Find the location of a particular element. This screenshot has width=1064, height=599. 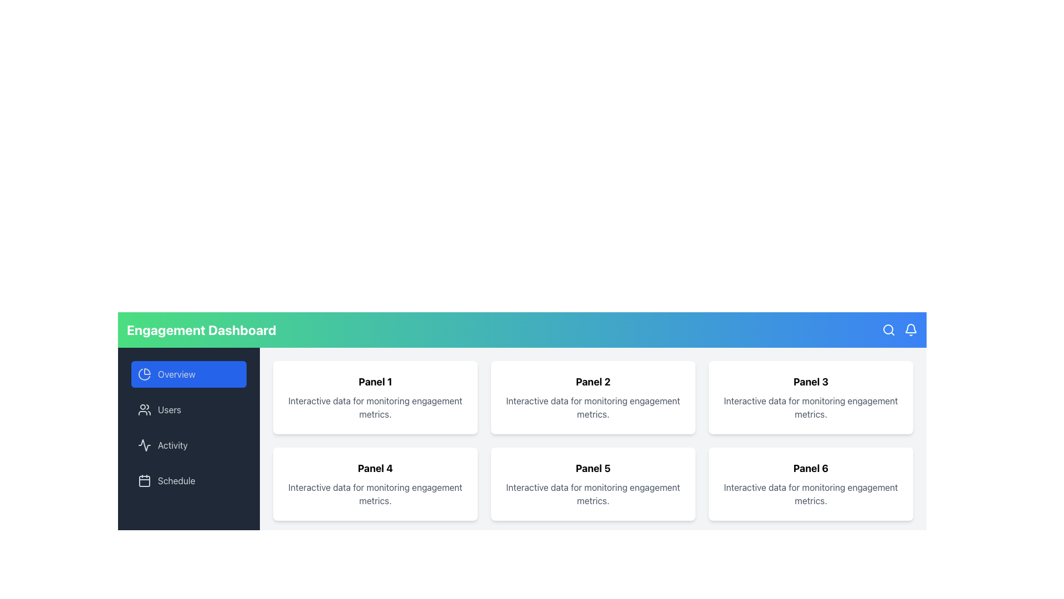

the 'Schedule' button located in the left navigation panel, which features a calendar icon and a dark background with a hover effect is located at coordinates (188, 480).